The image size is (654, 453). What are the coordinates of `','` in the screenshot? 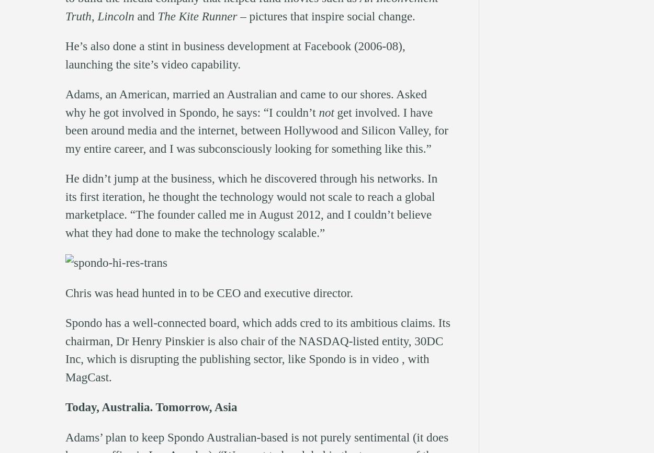 It's located at (94, 16).